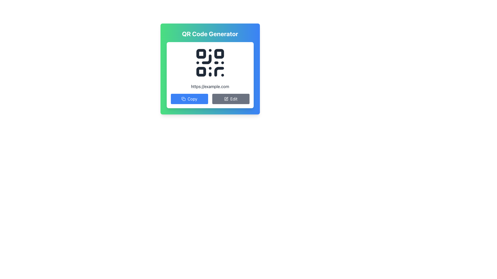 The image size is (497, 279). I want to click on the icon representing the copy or duplicate action, which is part of an SVG element located to the left of the 'Copy' button in the QR Code Generator popup, so click(183, 98).